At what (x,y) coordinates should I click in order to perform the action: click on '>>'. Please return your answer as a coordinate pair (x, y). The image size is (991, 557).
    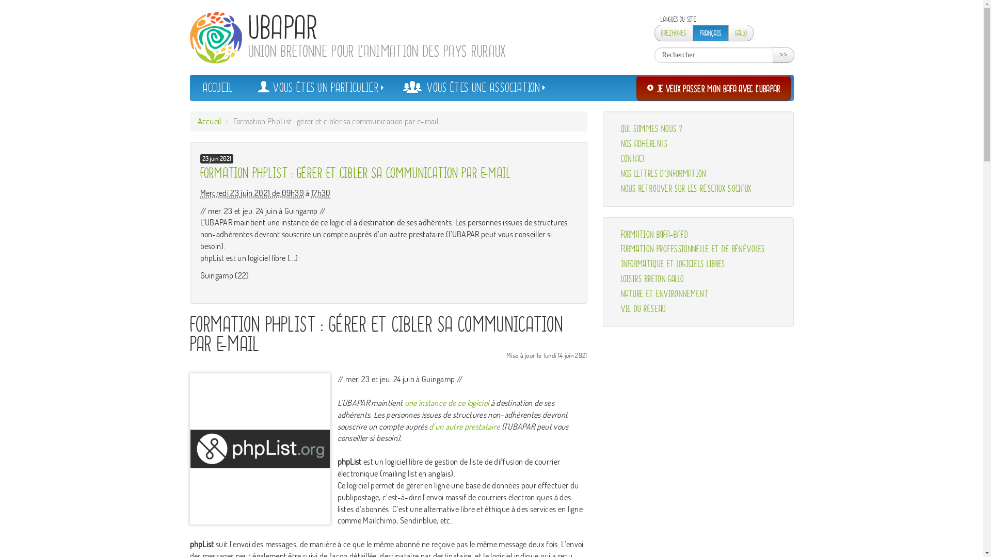
    Looking at the image, I should click on (773, 55).